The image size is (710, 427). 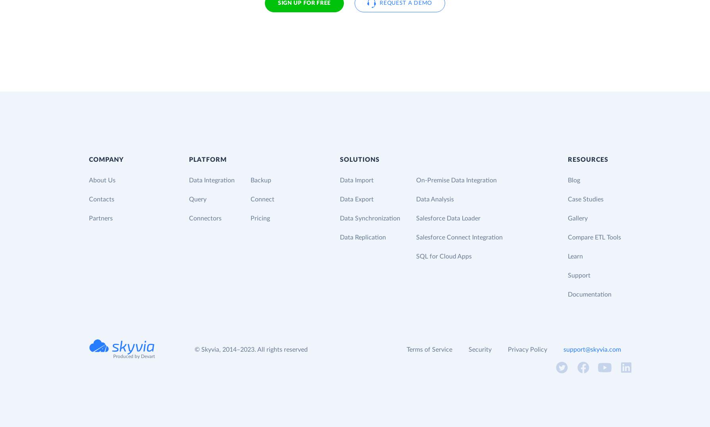 What do you see at coordinates (89, 179) in the screenshot?
I see `'About Us'` at bounding box center [89, 179].